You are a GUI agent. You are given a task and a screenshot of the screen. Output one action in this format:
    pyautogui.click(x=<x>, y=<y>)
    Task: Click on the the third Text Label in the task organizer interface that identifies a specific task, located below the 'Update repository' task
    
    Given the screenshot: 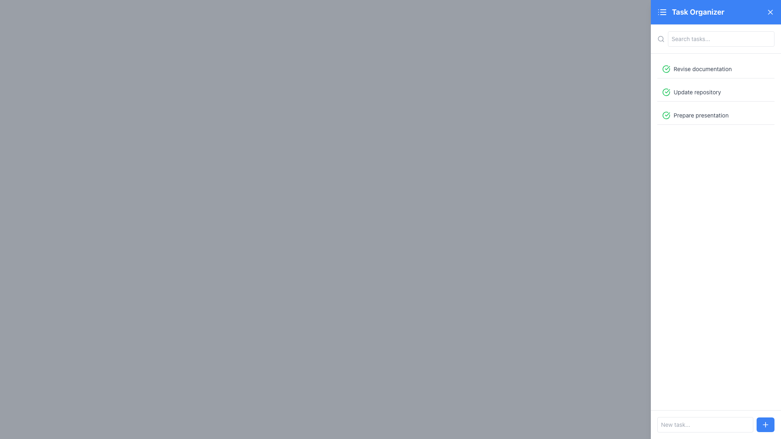 What is the action you would take?
    pyautogui.click(x=700, y=115)
    